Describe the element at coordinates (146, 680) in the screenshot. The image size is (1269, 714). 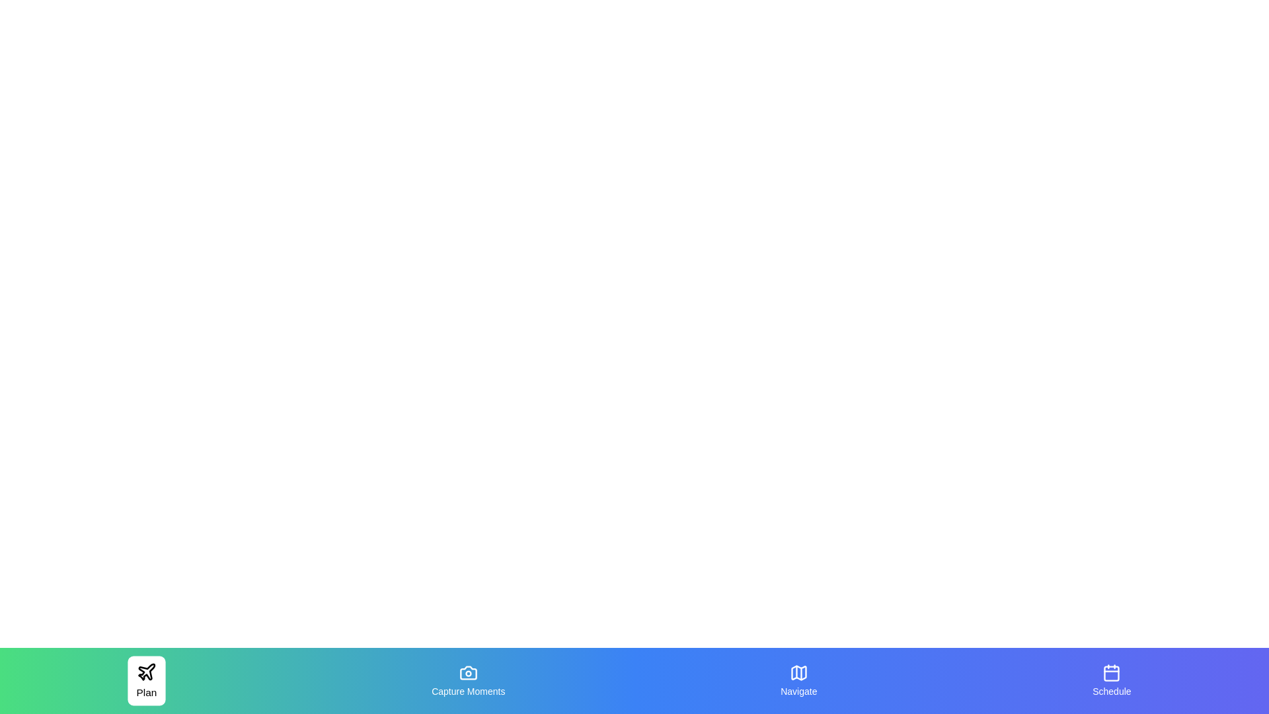
I see `the tab labeled Plan to inspect its text label` at that location.